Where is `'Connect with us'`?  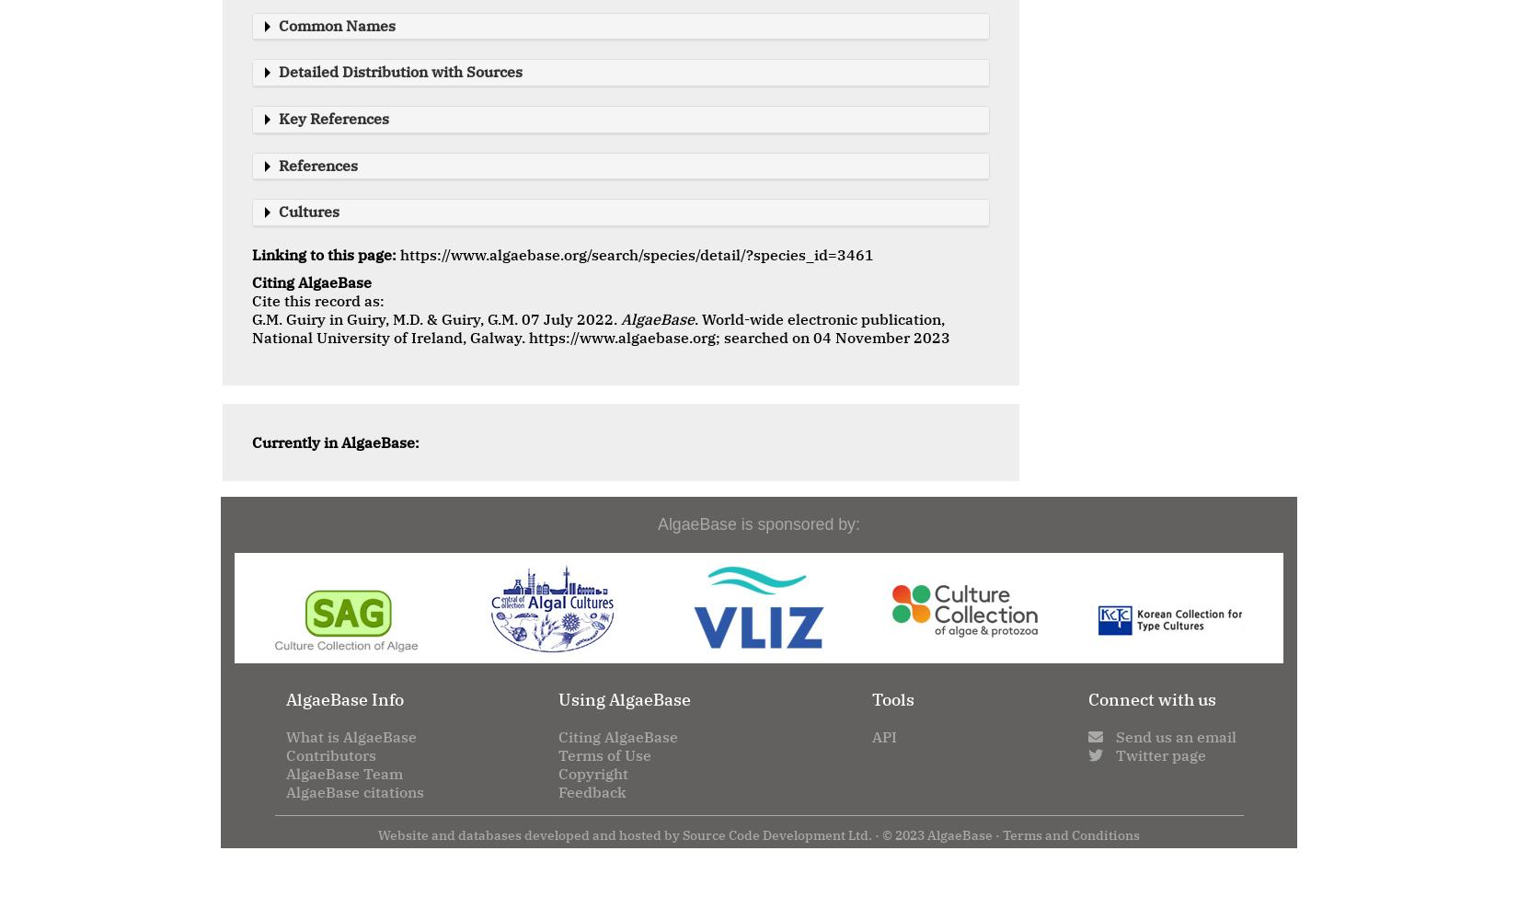 'Connect with us' is located at coordinates (1151, 698).